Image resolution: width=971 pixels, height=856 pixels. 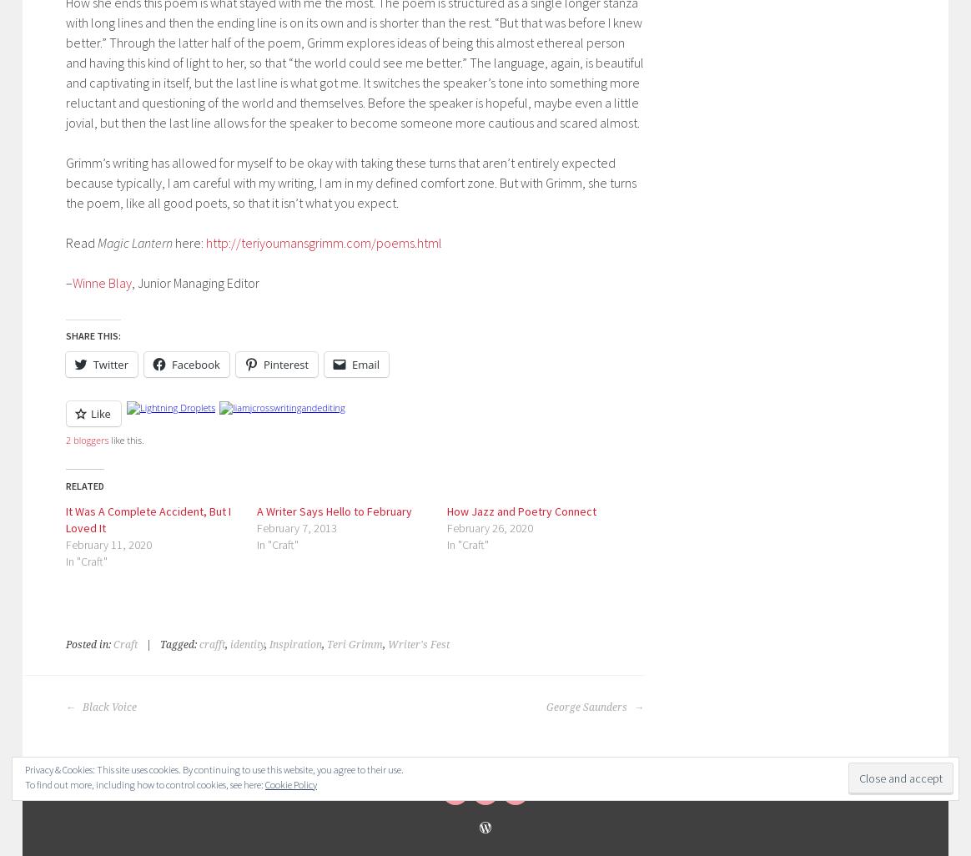 I want to click on 'identity', so click(x=246, y=643).